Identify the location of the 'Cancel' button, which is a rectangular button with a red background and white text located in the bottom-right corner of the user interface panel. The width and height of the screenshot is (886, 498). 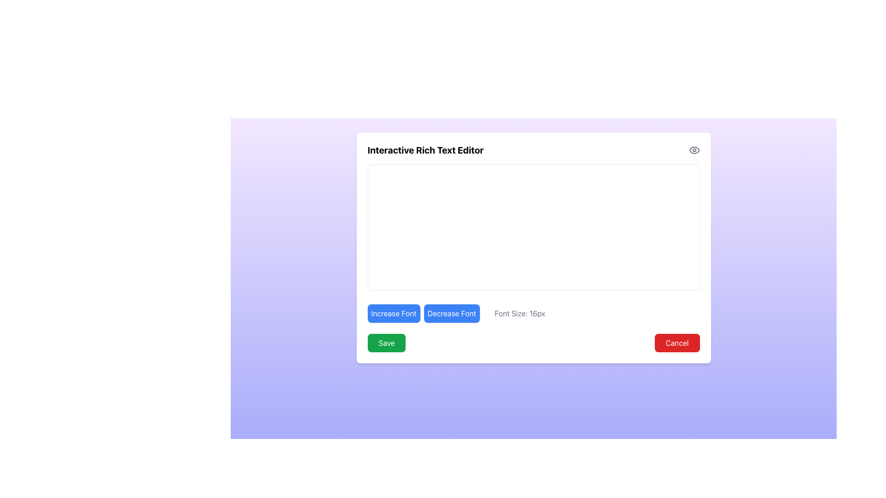
(677, 343).